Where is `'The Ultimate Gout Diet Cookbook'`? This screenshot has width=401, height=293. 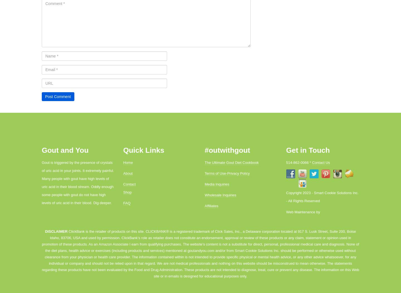
'The Ultimate Gout Diet Cookbook' is located at coordinates (232, 162).